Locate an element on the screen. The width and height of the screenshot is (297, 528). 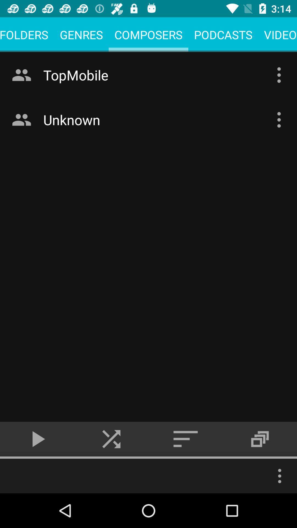
the play icon is located at coordinates (37, 439).